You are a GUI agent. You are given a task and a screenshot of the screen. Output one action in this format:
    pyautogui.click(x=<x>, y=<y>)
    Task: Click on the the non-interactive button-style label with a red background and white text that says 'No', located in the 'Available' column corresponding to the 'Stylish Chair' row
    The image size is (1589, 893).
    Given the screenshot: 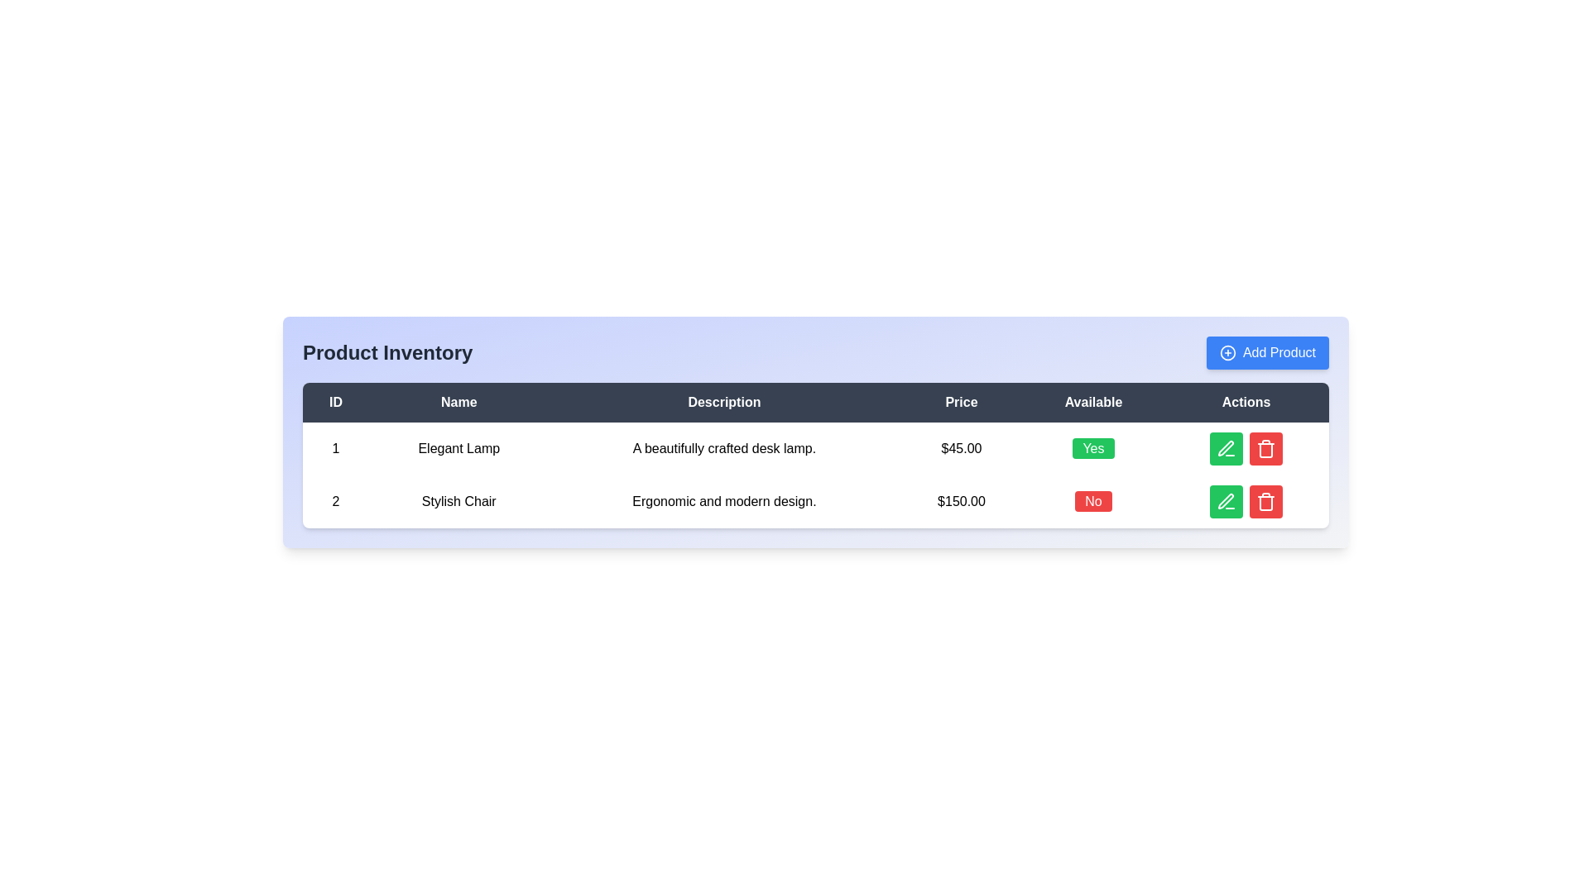 What is the action you would take?
    pyautogui.click(x=1093, y=500)
    